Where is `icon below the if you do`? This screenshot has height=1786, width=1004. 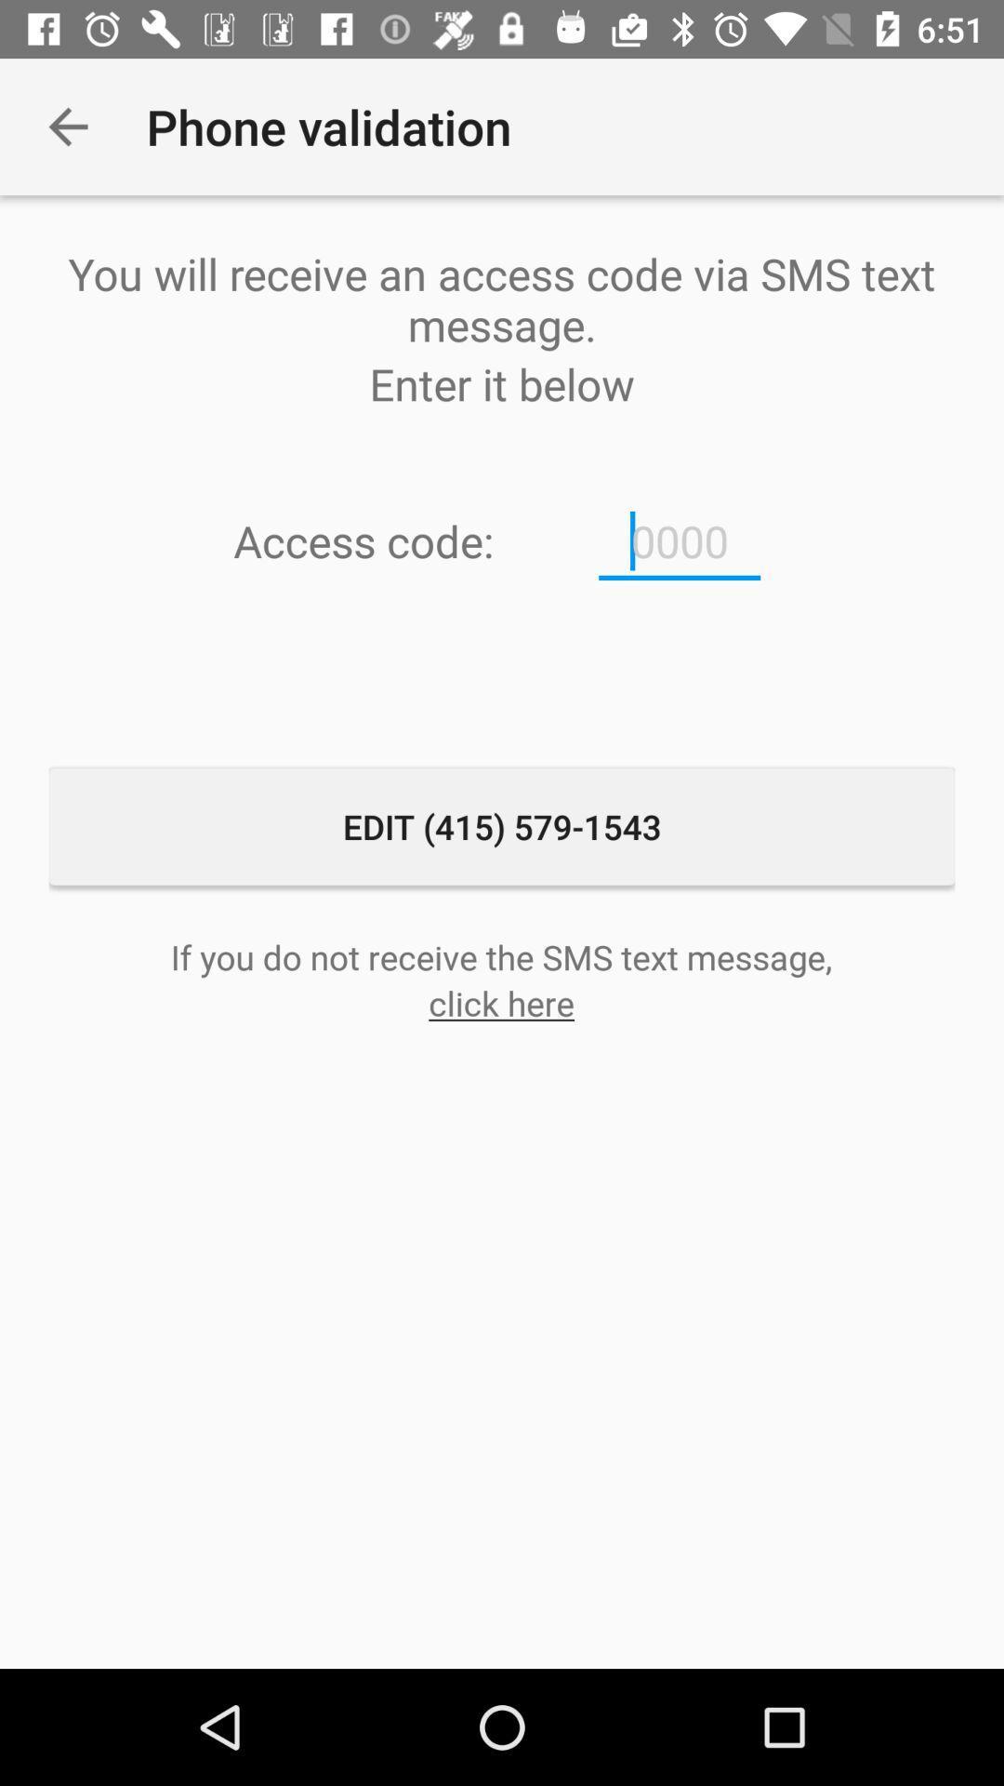 icon below the if you do is located at coordinates (500, 1002).